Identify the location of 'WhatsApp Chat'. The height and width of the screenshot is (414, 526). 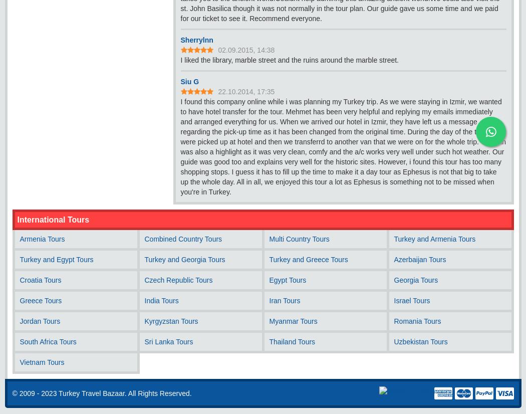
(437, 133).